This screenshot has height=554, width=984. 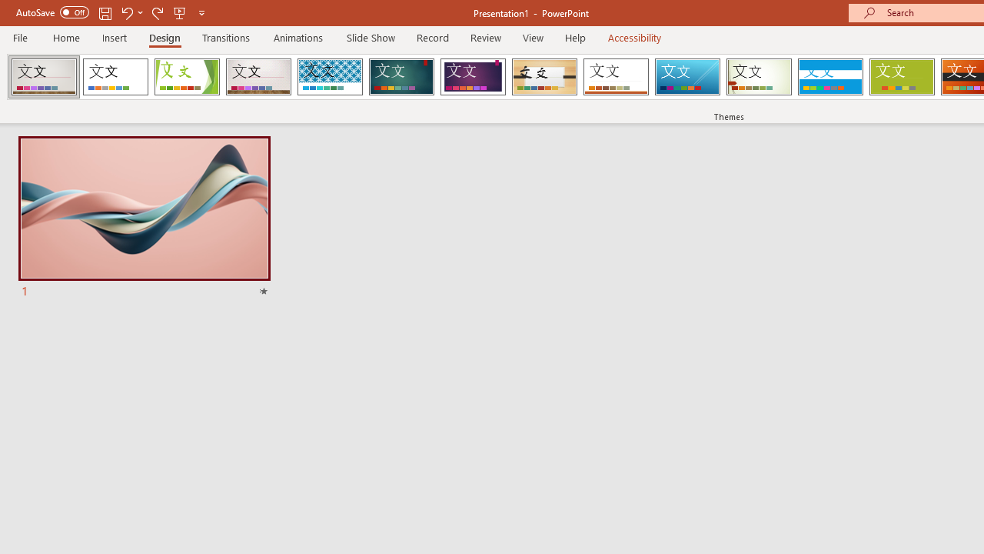 I want to click on 'Ion Boardroom', so click(x=472, y=77).